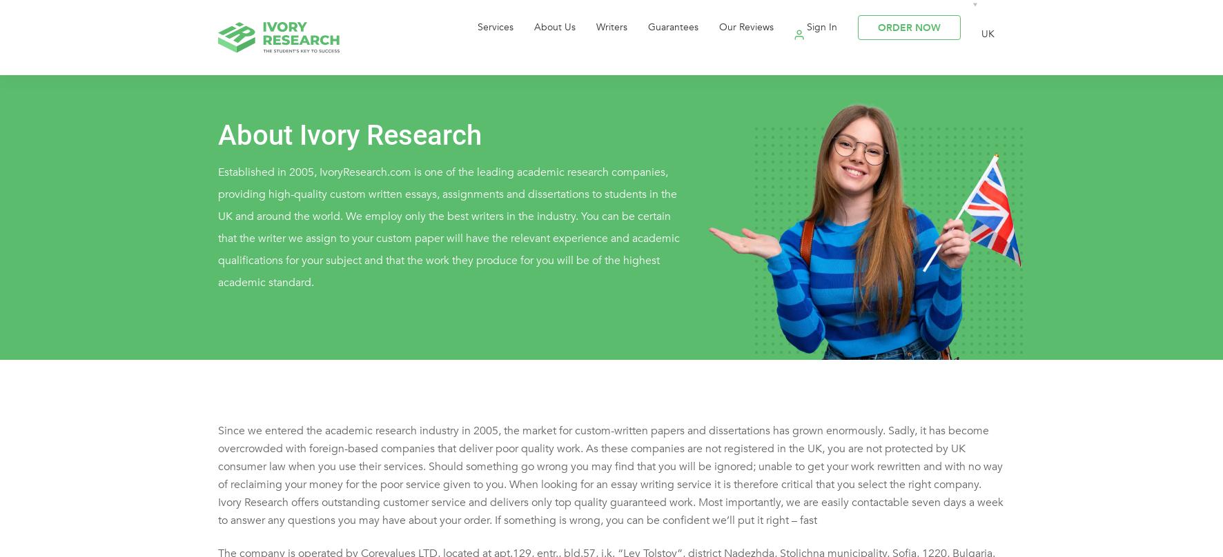  I want to click on 'Established in 2005, IvoryResearch.com is one of the leading academic research companies, providing high-quality custom written essays, assignments and dissertations to students in the UK and around the world. We employ only the best writers in the industry. You can be certain that the writer we assign to your custom paper will have the relevant experience and academic qualifications for your subject and that the work they produce for you will be of the highest academic standard.', so click(217, 239).